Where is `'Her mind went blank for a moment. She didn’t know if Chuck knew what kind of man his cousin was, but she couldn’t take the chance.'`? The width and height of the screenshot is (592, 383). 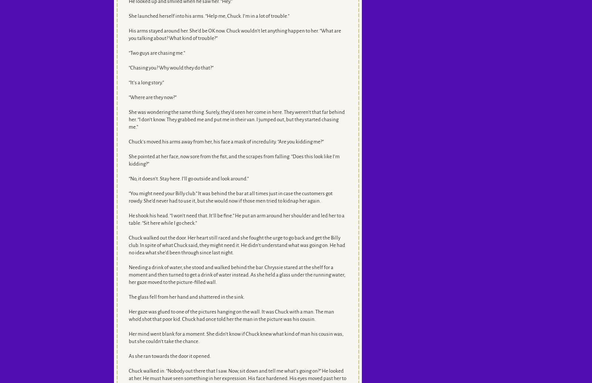 'Her mind went blank for a moment. She didn’t know if Chuck knew what kind of man his cousin was, but she couldn’t take the chance.' is located at coordinates (235, 338).